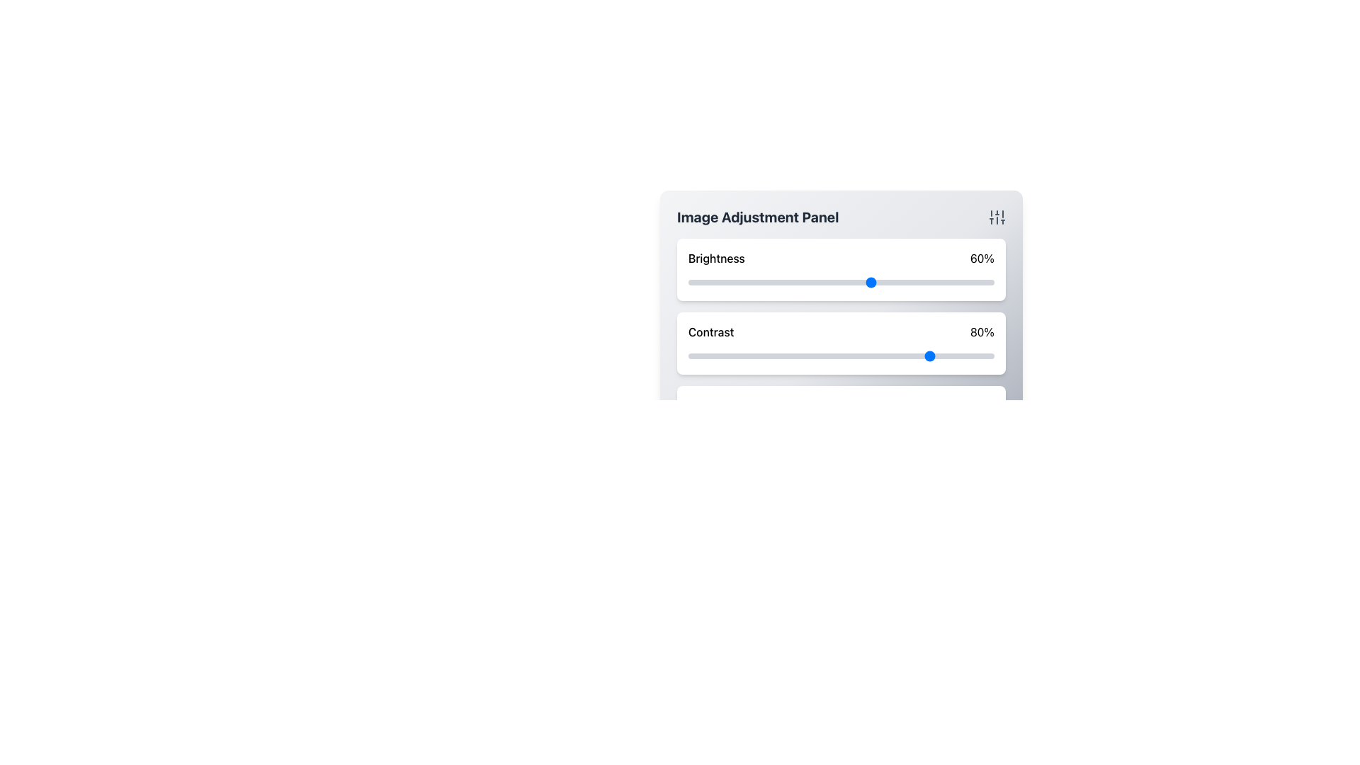 This screenshot has width=1360, height=765. What do you see at coordinates (757, 217) in the screenshot?
I see `the header label indicating the functionality of the panel for adjusting image properties, located above the 'Brightness' and 'Contrast' sliders` at bounding box center [757, 217].